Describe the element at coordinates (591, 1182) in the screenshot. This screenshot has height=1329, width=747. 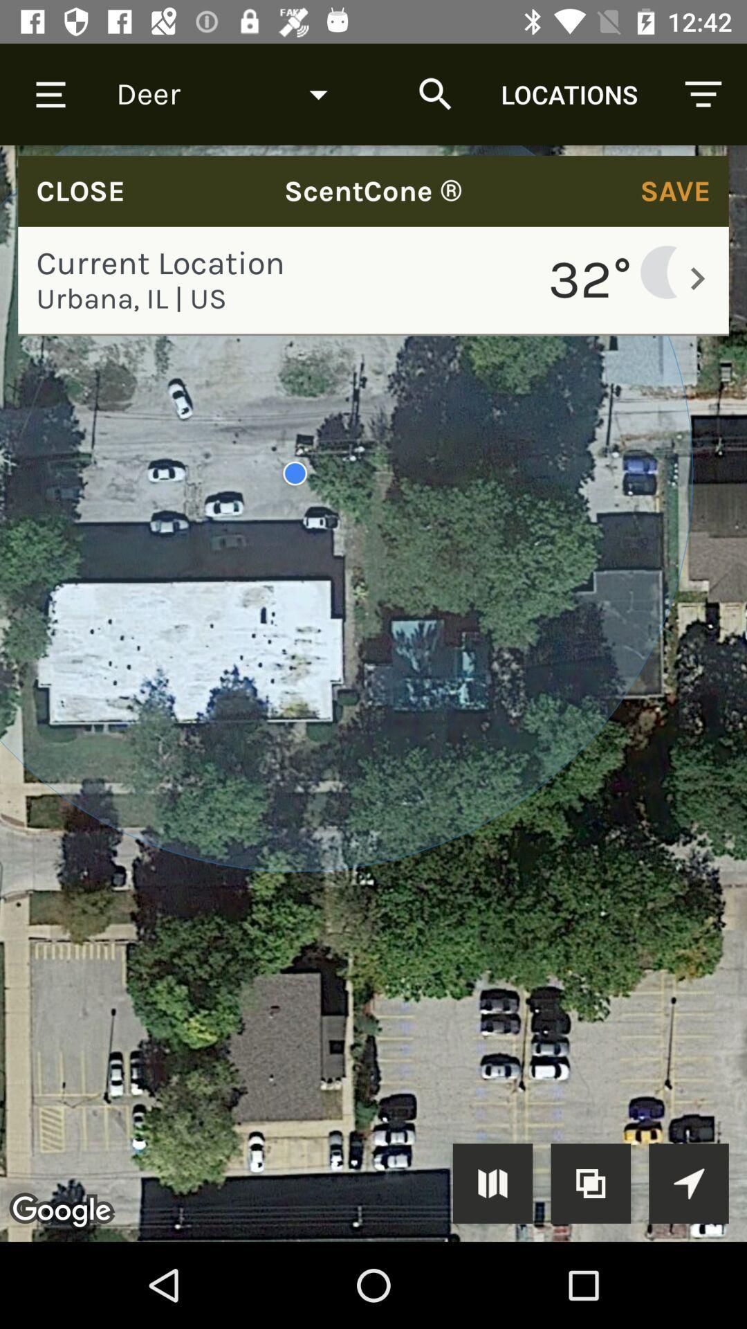
I see `zoom the image` at that location.